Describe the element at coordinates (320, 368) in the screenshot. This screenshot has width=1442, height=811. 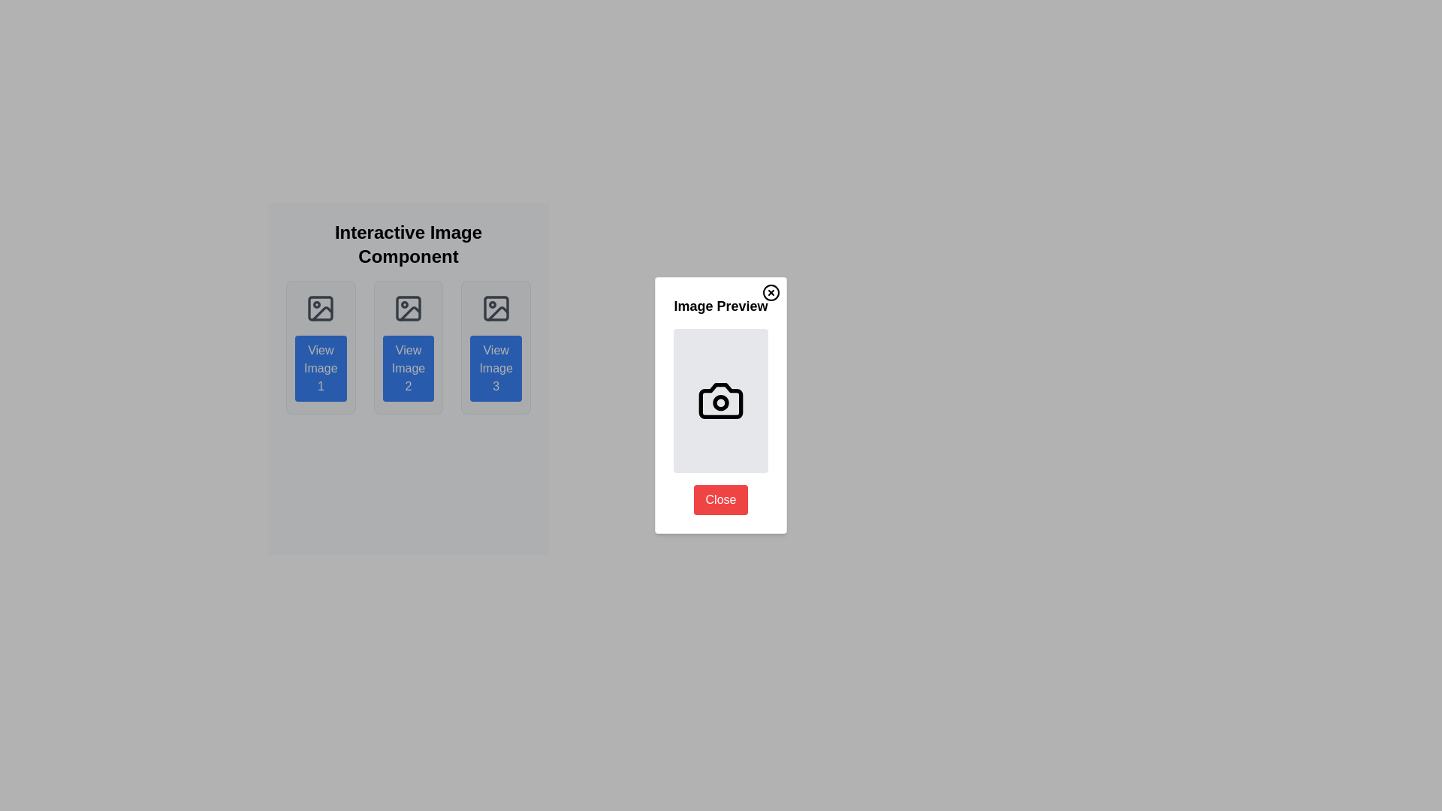
I see `the 'View Image 1' button, a blue rectangular button with white text and rounded corners` at that location.